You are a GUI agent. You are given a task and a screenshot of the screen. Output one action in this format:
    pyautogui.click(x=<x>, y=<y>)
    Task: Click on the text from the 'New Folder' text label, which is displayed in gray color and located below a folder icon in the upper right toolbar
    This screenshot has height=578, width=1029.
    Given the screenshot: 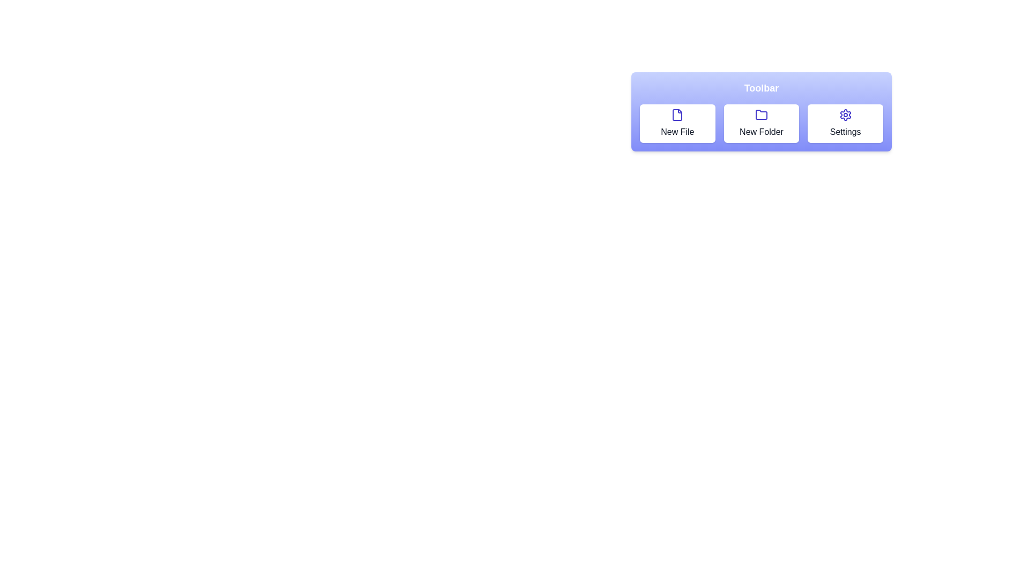 What is the action you would take?
    pyautogui.click(x=760, y=131)
    